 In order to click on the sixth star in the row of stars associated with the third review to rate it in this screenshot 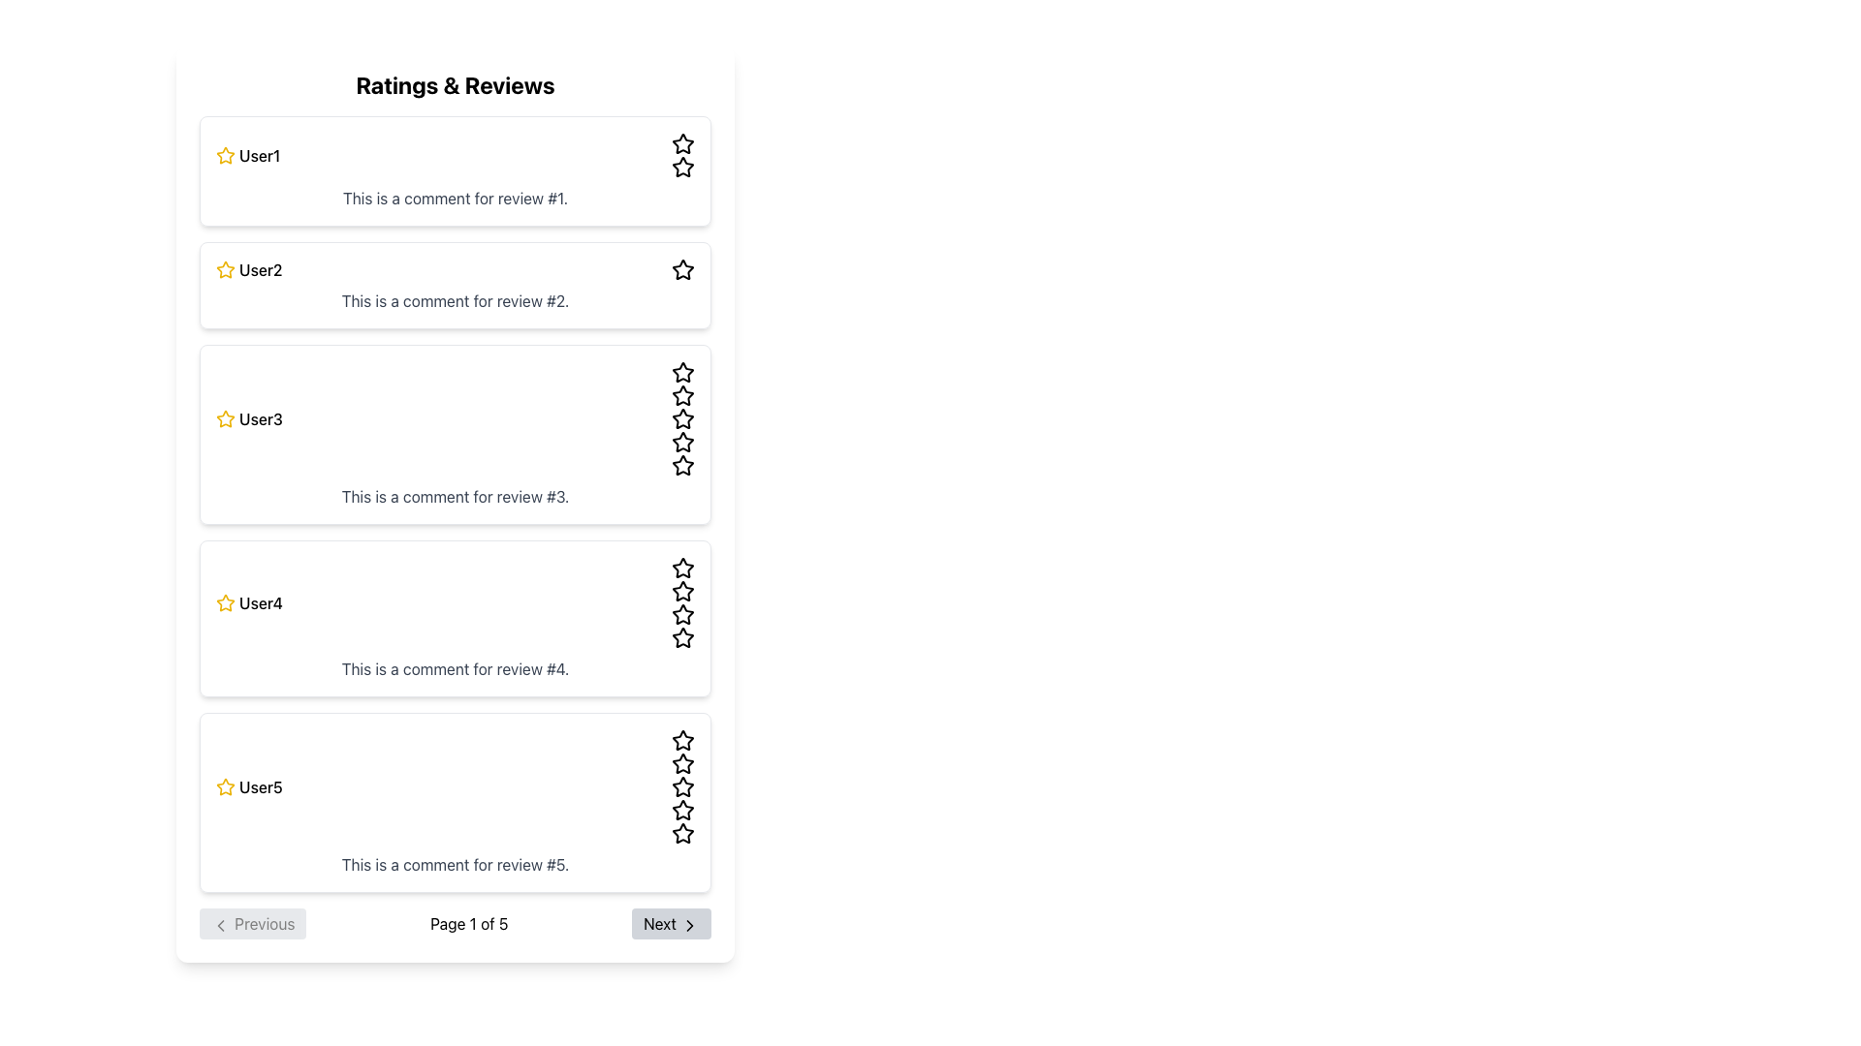, I will do `click(683, 442)`.